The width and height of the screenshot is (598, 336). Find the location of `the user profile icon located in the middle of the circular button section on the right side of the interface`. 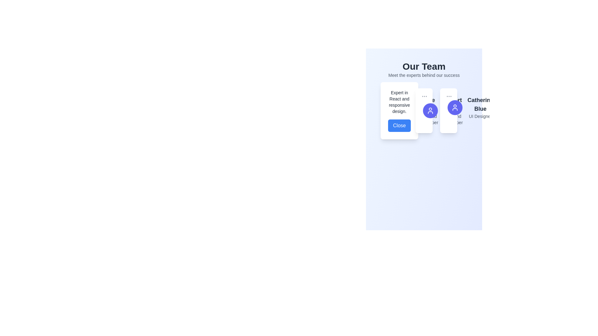

the user profile icon located in the middle of the circular button section on the right side of the interface is located at coordinates (455, 107).